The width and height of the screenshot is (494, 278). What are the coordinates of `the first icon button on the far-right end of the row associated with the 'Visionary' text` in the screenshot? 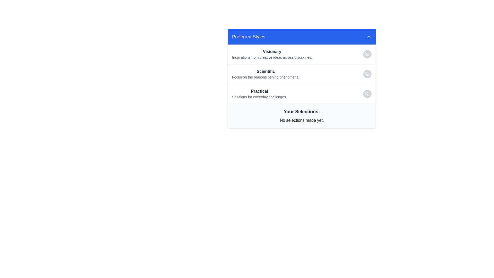 It's located at (367, 54).